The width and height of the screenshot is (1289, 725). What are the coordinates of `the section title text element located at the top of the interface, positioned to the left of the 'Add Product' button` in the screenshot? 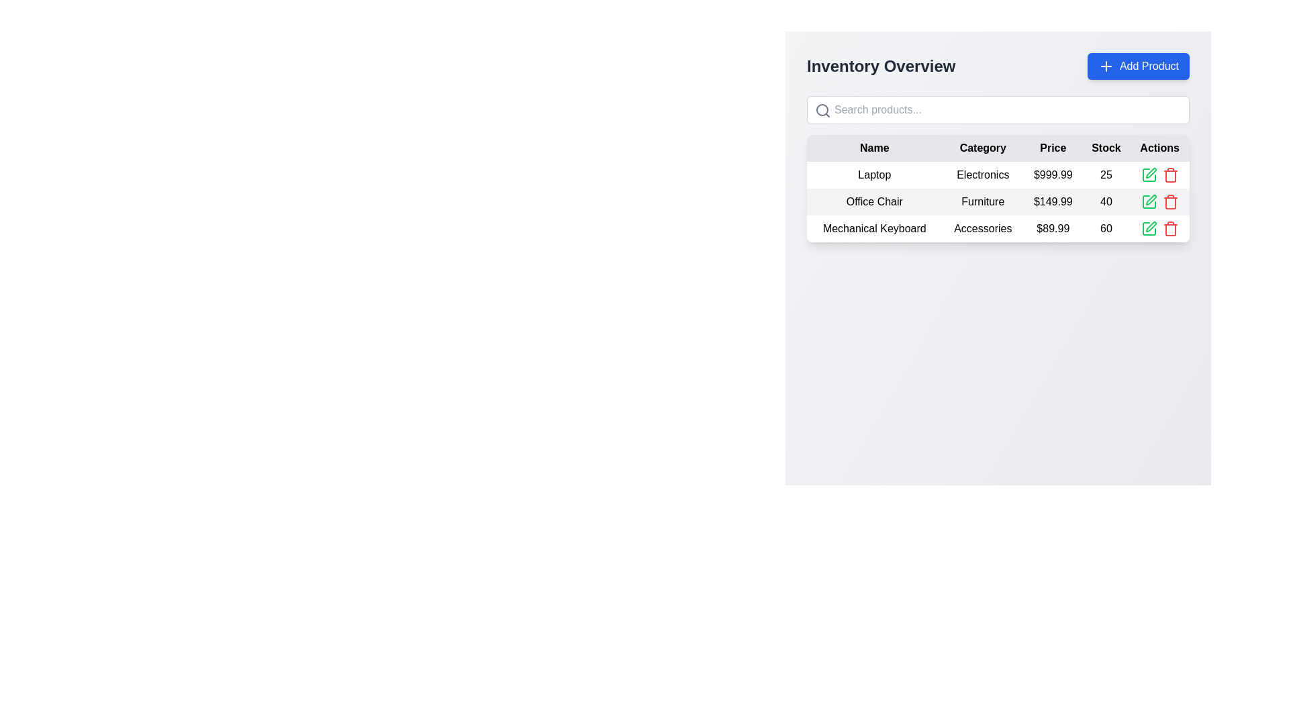 It's located at (881, 66).